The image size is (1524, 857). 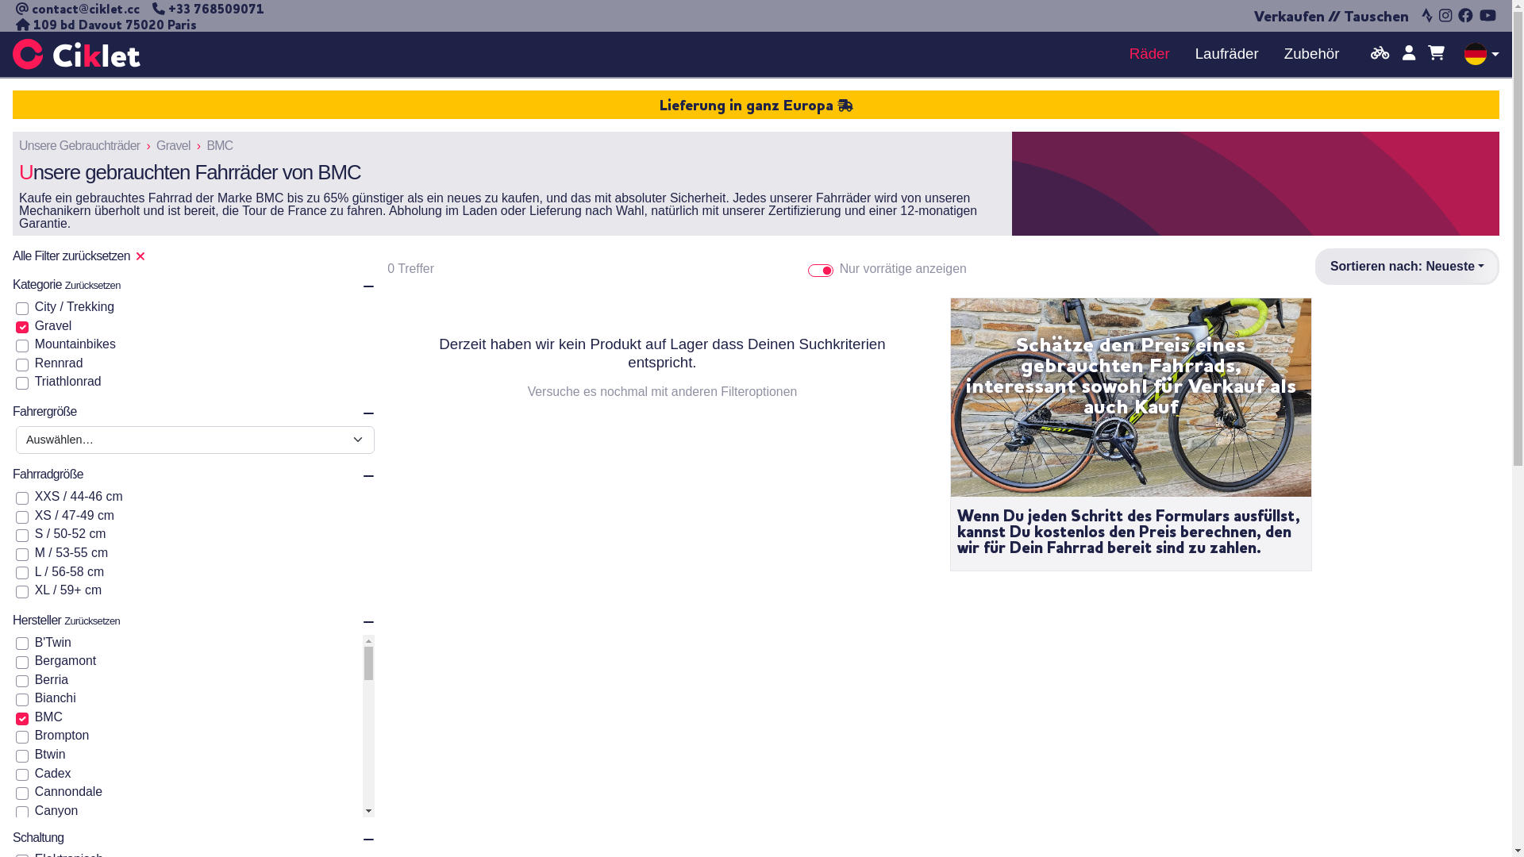 I want to click on 'Gravel', so click(x=156, y=145).